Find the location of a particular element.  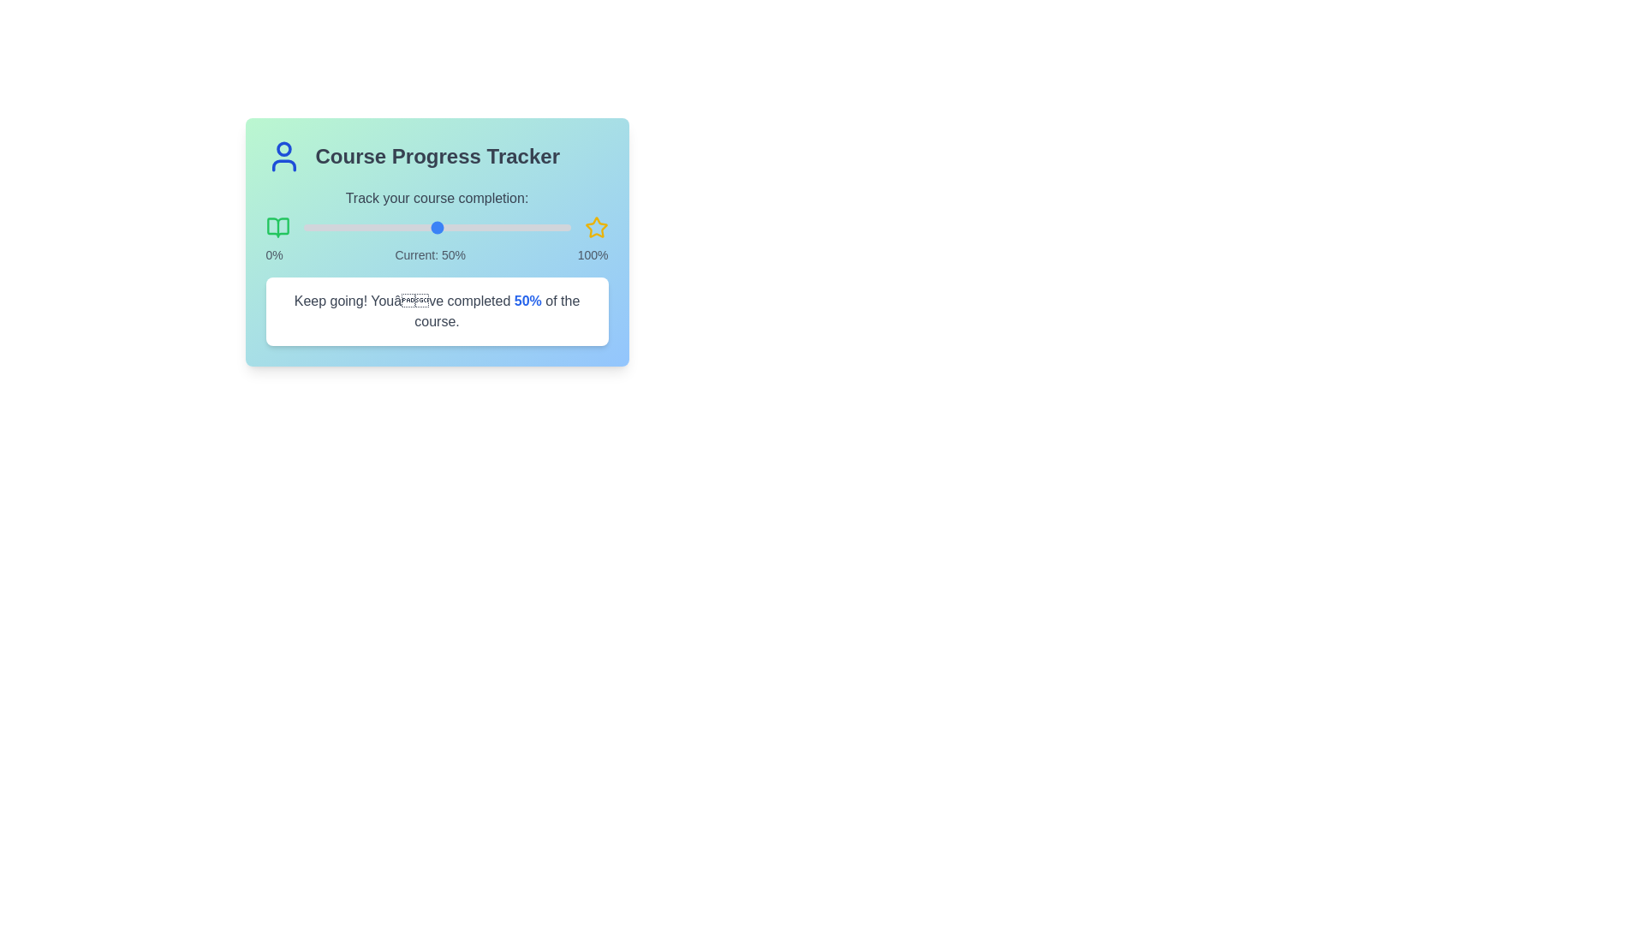

the progress slider to 6% completion is located at coordinates (319, 227).